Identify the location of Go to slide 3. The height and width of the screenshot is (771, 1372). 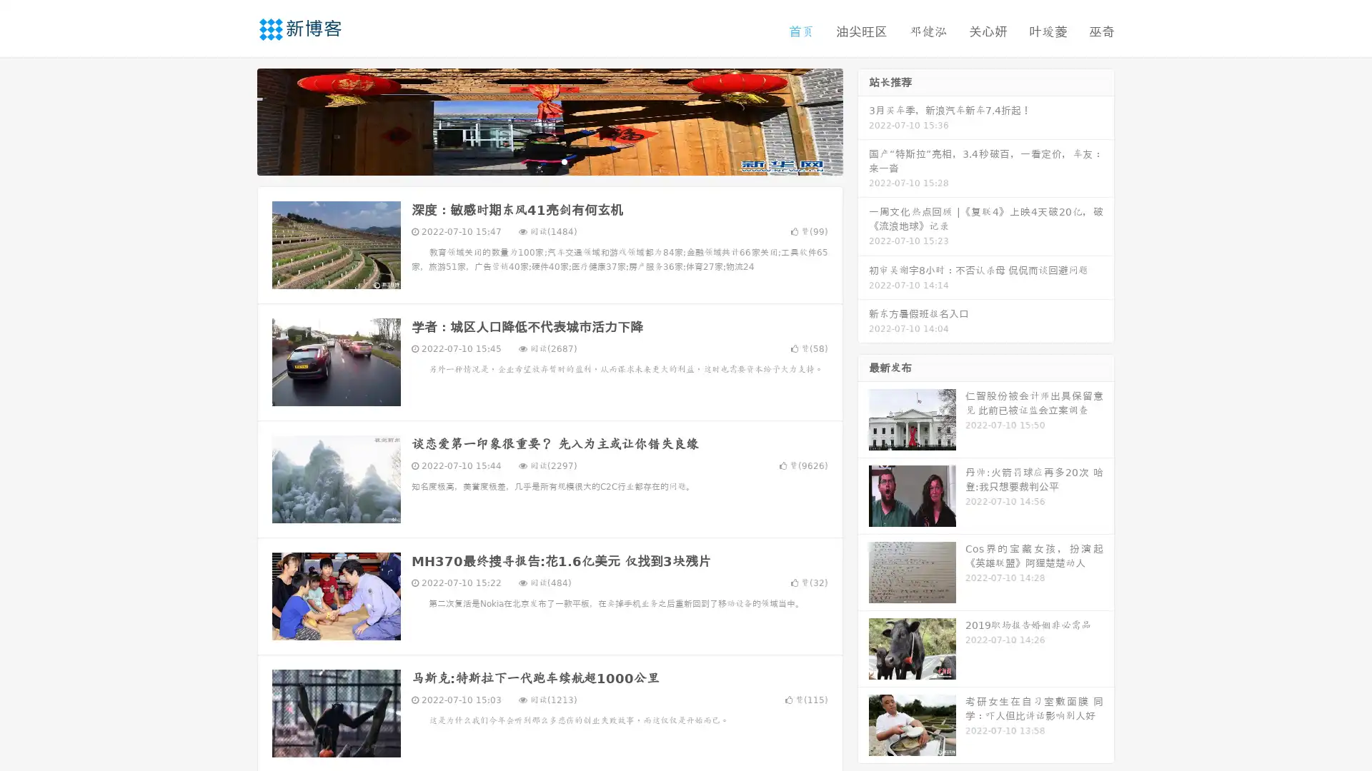
(564, 161).